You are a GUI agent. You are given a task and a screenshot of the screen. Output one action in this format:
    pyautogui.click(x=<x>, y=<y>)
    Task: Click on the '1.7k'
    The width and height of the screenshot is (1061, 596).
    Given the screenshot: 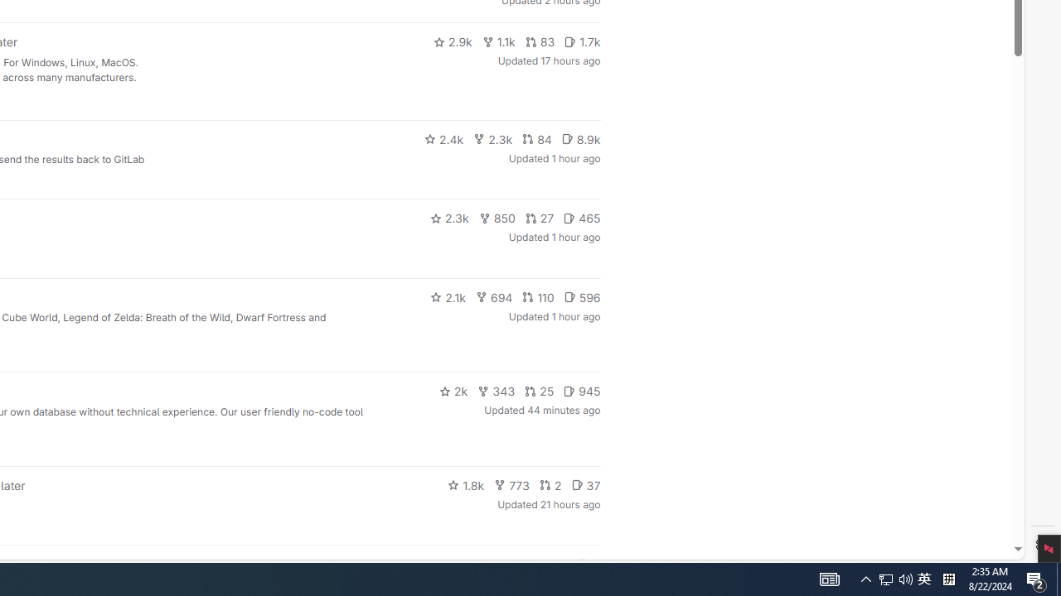 What is the action you would take?
    pyautogui.click(x=582, y=41)
    